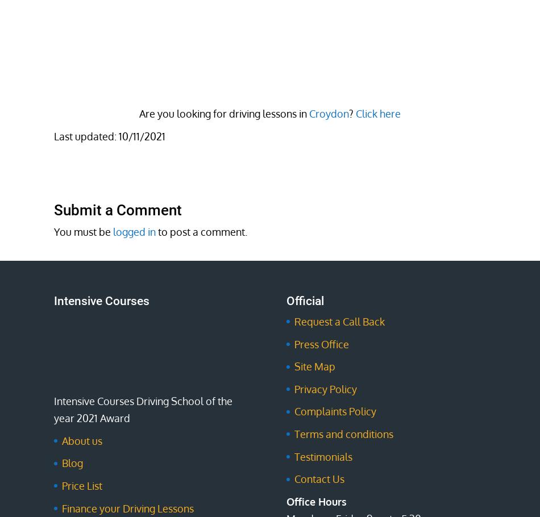 This screenshot has height=517, width=540. Describe the element at coordinates (118, 210) in the screenshot. I see `'Submit a Comment'` at that location.